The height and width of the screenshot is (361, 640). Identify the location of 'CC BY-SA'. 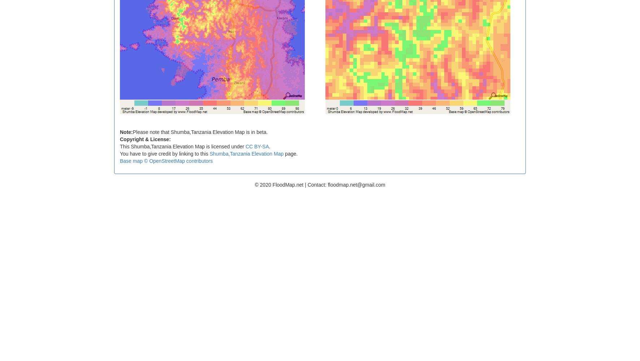
(245, 146).